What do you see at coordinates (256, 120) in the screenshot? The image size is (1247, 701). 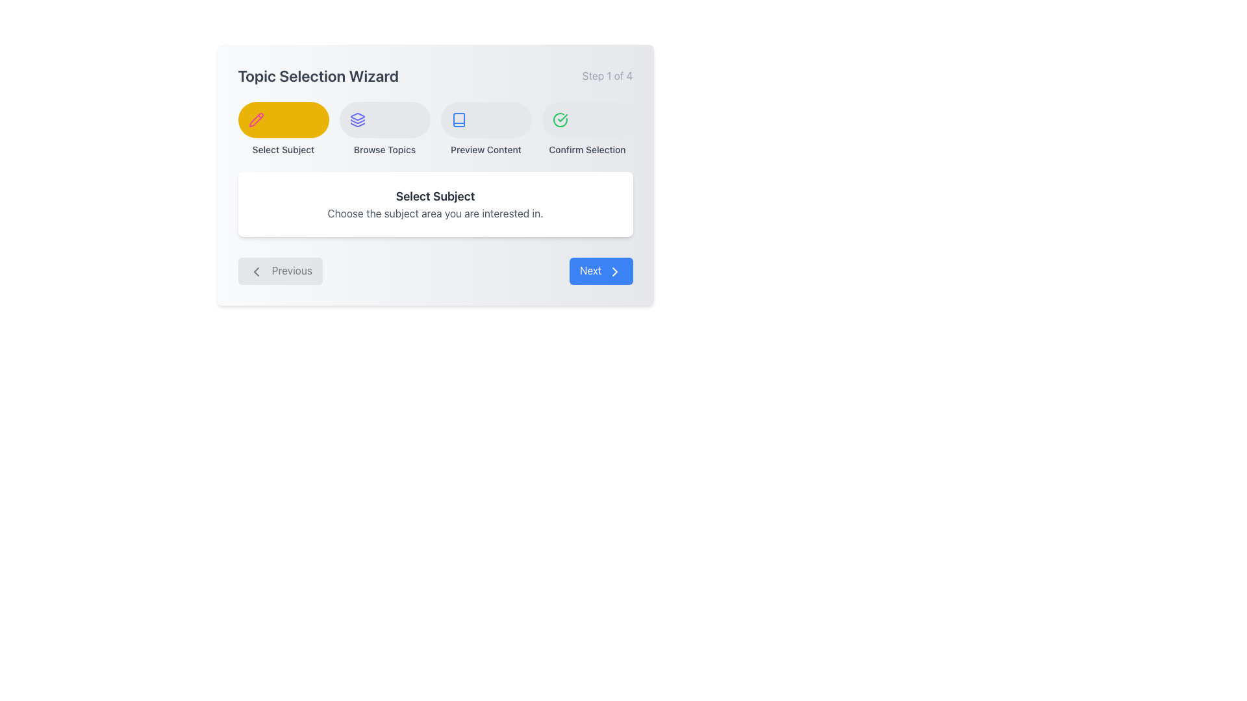 I see `the 'Select Subject' icon located in the leftmost yellow circular button within the 'Topic Selection Wizard' interface` at bounding box center [256, 120].